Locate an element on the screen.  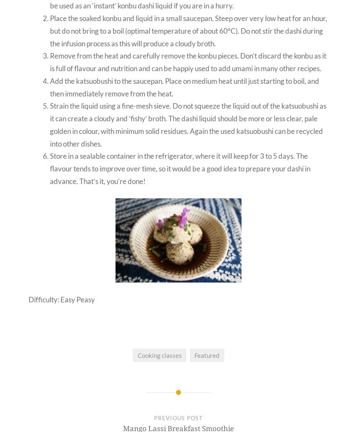
'Previous Post' is located at coordinates (154, 417).